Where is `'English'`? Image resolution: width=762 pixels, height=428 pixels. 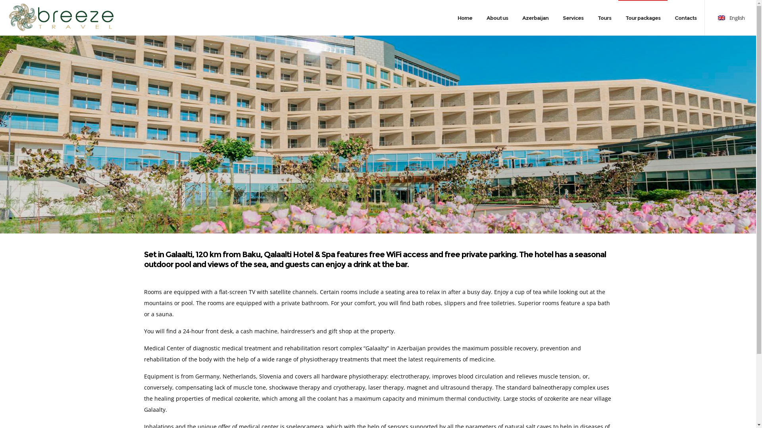 'English' is located at coordinates (731, 18).